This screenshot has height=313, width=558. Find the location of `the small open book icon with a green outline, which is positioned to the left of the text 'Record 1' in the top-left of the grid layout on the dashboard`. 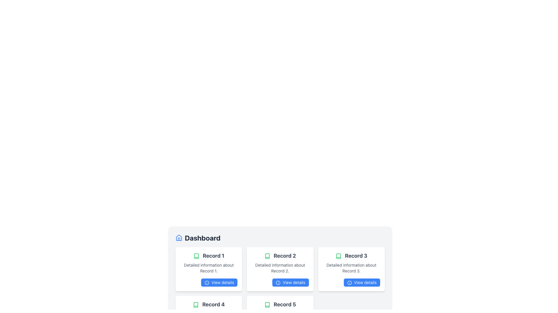

the small open book icon with a green outline, which is positioned to the left of the text 'Record 1' in the top-left of the grid layout on the dashboard is located at coordinates (196, 256).